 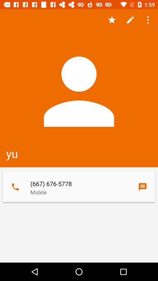 What do you see at coordinates (112, 20) in the screenshot?
I see `icon above yu` at bounding box center [112, 20].